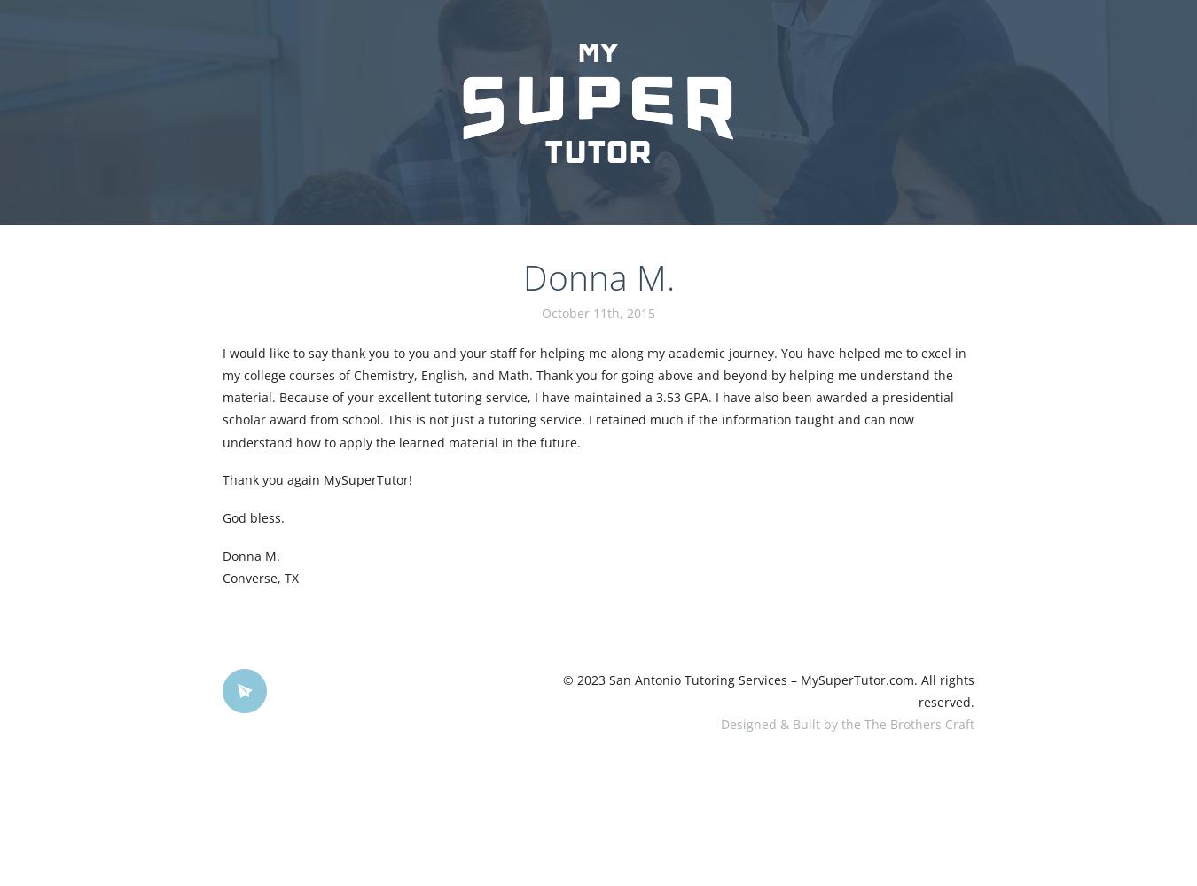 The width and height of the screenshot is (1197, 886). What do you see at coordinates (316, 479) in the screenshot?
I see `'Thank you again MySuperTutor!'` at bounding box center [316, 479].